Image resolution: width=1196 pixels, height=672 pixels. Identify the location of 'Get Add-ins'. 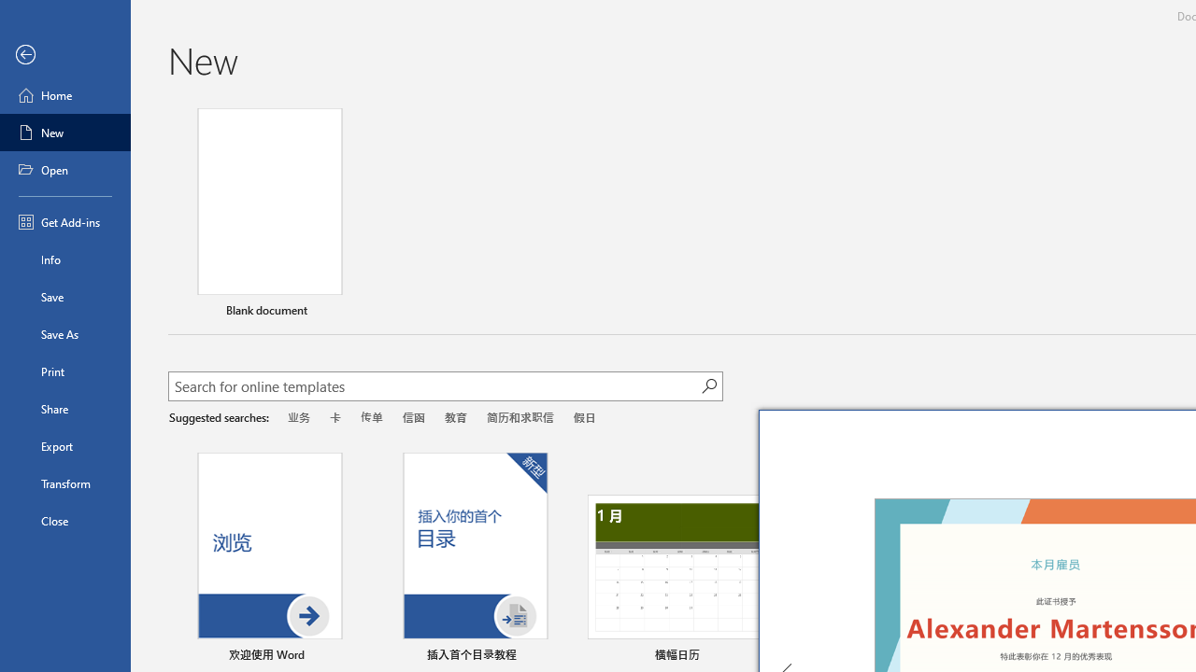
(64, 220).